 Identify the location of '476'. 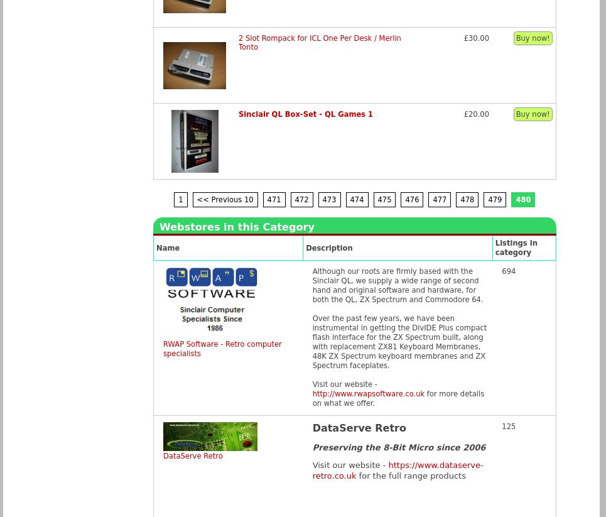
(405, 199).